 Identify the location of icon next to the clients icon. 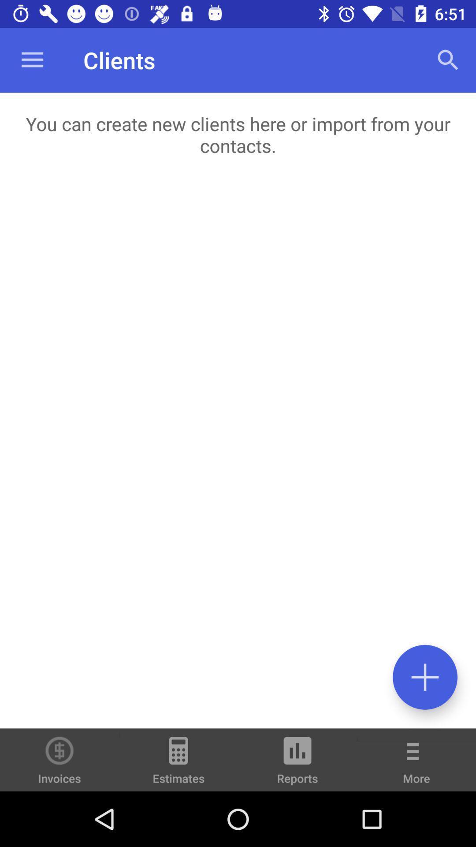
(448, 60).